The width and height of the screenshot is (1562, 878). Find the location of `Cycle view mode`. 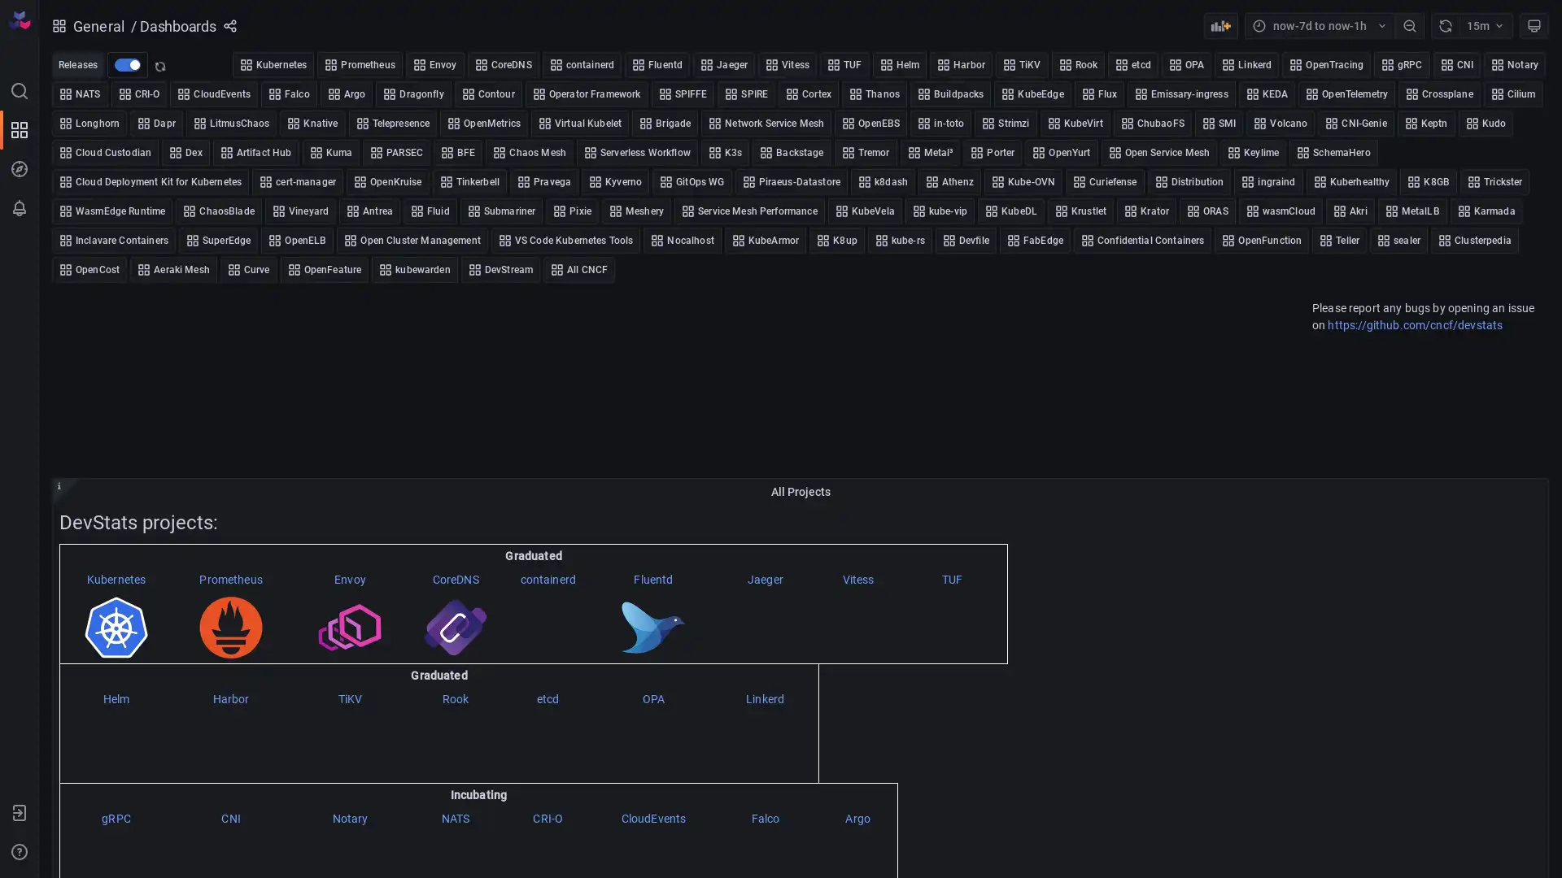

Cycle view mode is located at coordinates (1534, 25).